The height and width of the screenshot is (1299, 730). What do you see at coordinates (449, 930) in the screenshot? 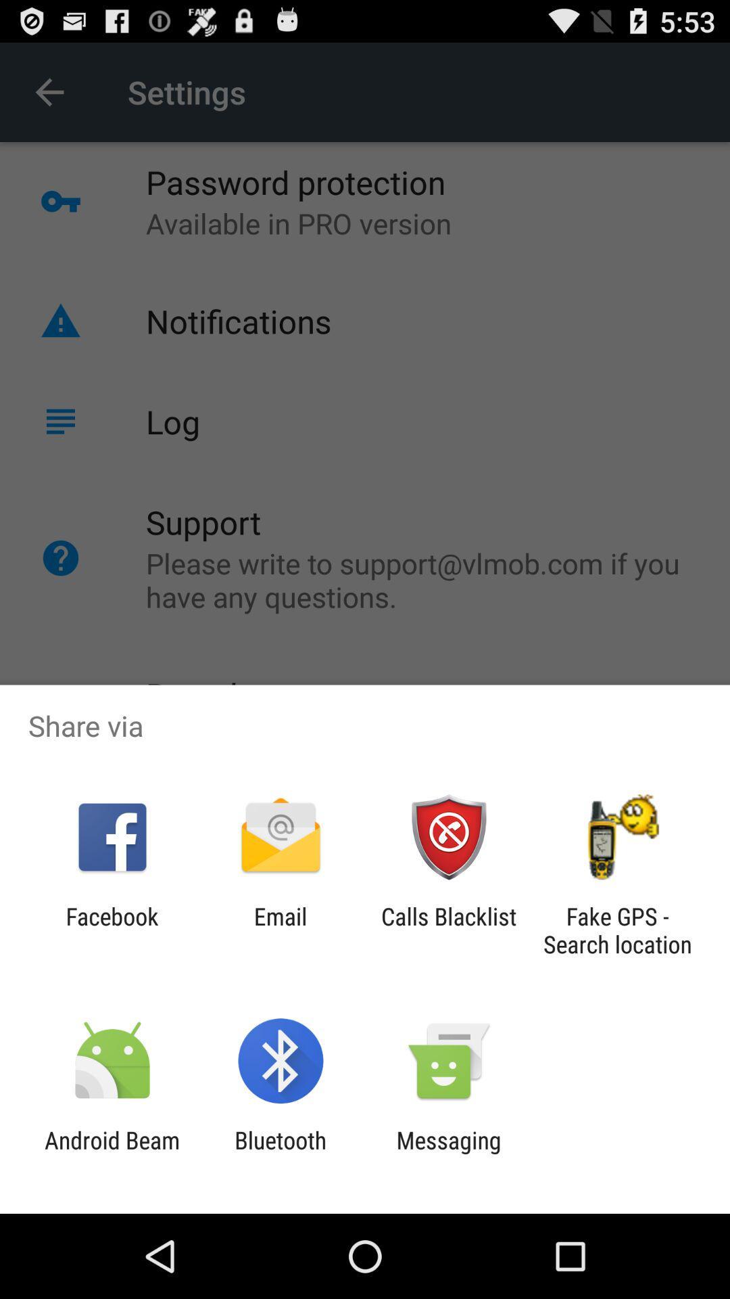
I see `the icon next to the email` at bounding box center [449, 930].